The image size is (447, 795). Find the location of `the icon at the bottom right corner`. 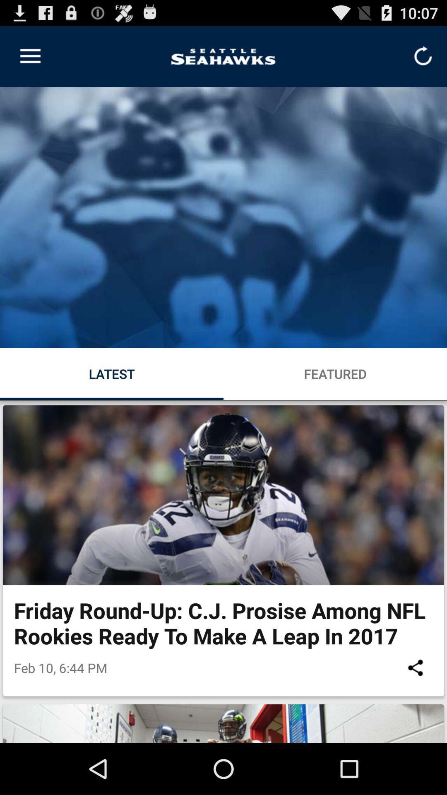

the icon at the bottom right corner is located at coordinates (415, 667).